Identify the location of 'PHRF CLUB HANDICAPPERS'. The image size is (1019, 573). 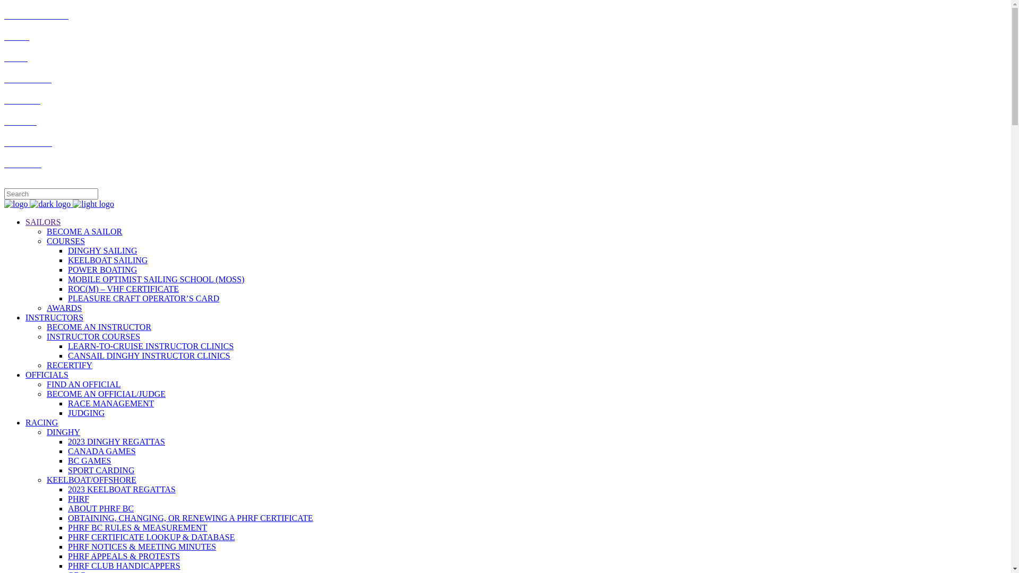
(124, 565).